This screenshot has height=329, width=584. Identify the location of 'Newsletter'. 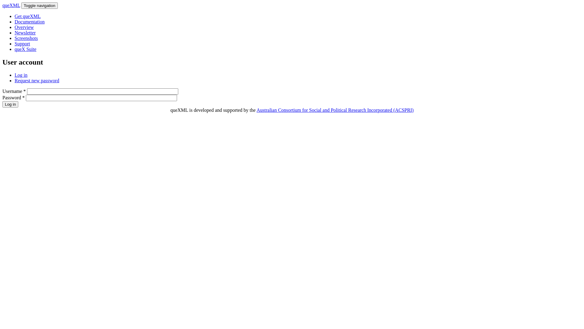
(15, 33).